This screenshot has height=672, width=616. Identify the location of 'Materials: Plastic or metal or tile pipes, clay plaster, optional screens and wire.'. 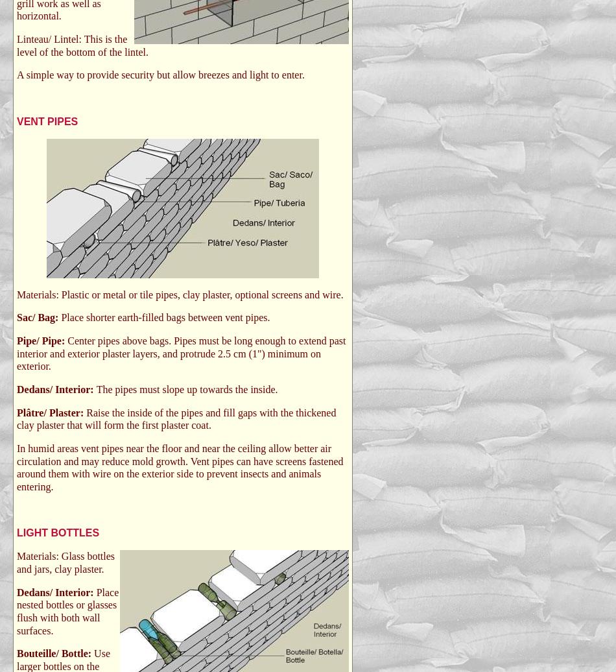
(179, 294).